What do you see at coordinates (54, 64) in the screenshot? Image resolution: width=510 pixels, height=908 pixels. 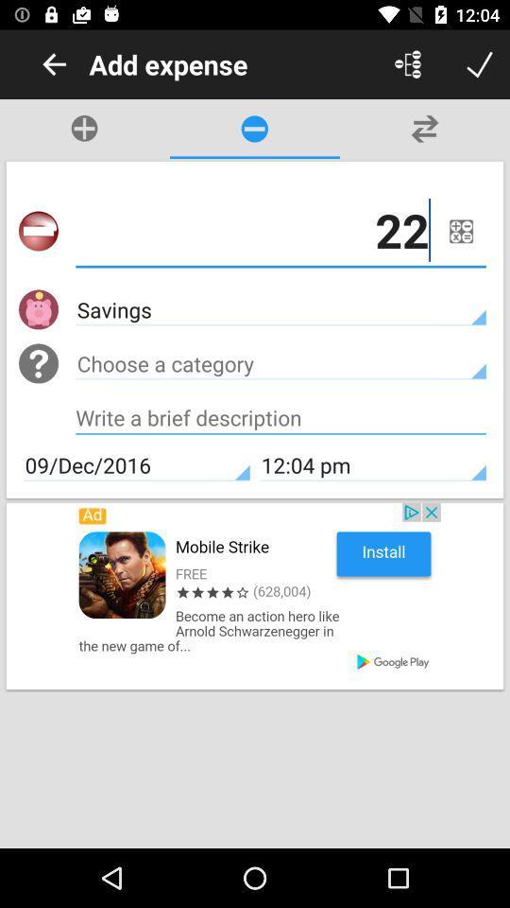 I see `go back` at bounding box center [54, 64].